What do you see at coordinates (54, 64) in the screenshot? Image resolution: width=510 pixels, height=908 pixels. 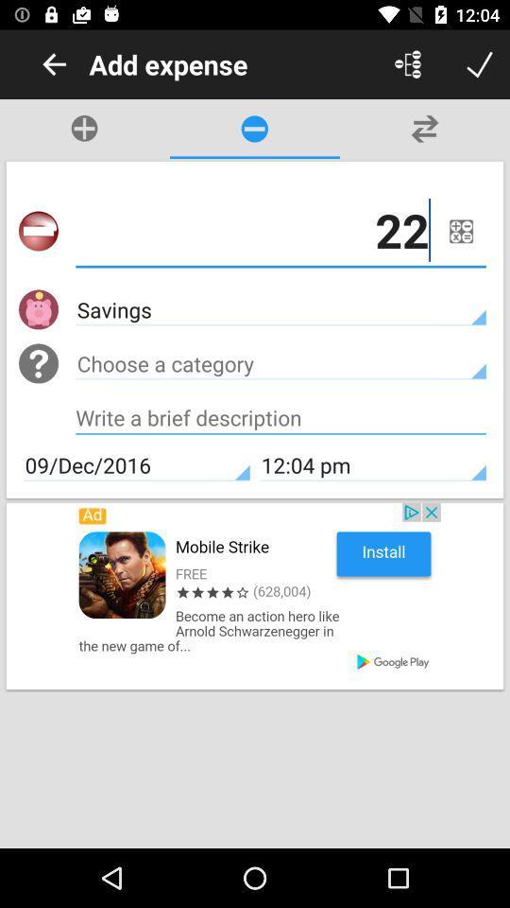 I see `go back` at bounding box center [54, 64].